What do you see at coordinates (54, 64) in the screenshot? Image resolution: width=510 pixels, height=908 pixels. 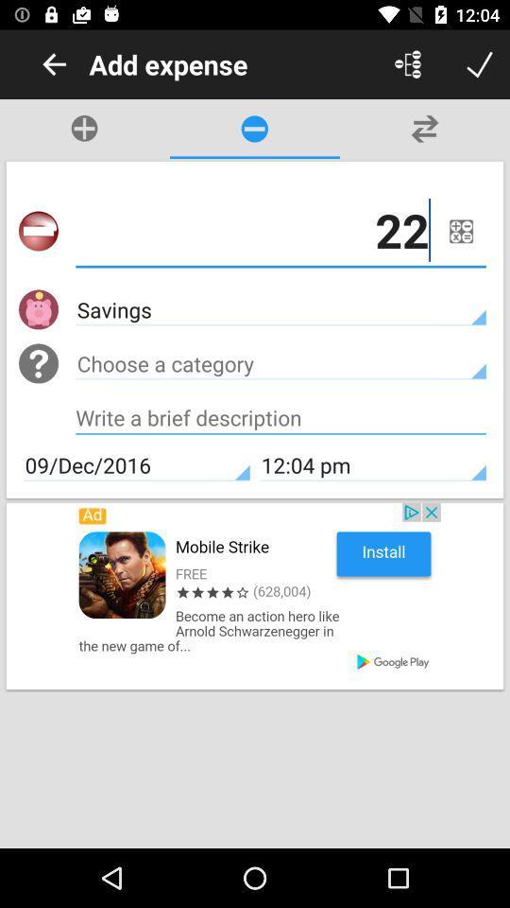 I see `go back` at bounding box center [54, 64].